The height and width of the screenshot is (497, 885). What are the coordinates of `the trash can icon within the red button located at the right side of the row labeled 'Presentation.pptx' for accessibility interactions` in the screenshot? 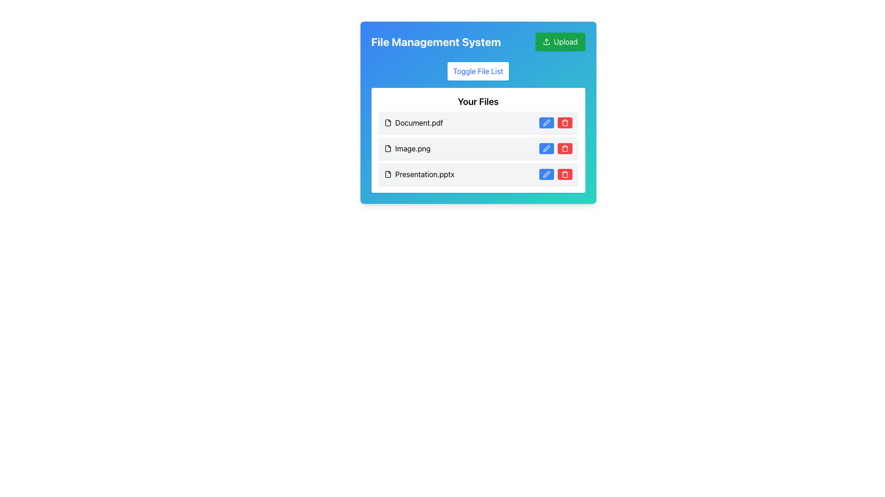 It's located at (564, 122).